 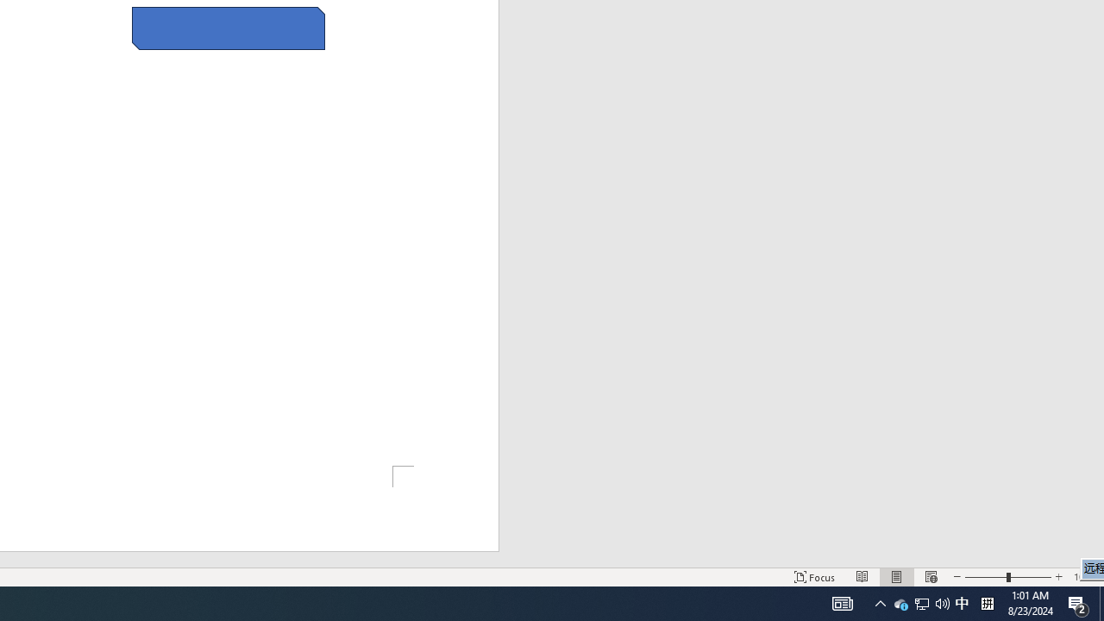 What do you see at coordinates (862, 577) in the screenshot?
I see `'Read Mode'` at bounding box center [862, 577].